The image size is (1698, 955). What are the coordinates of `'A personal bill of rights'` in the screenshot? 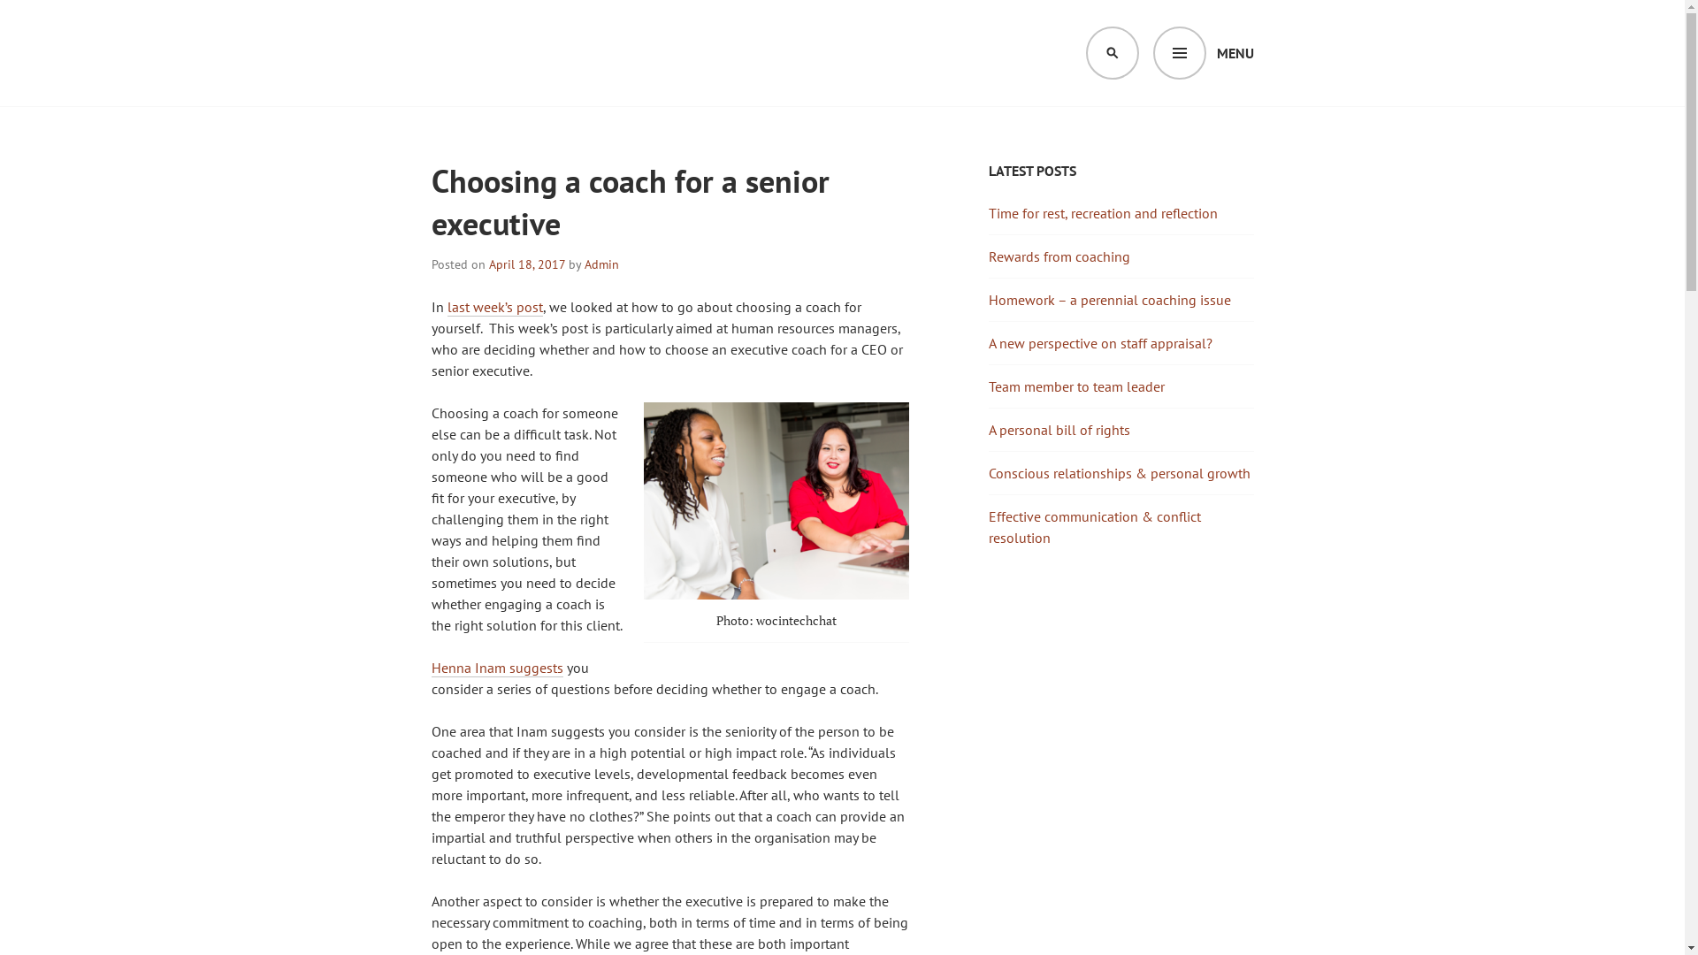 It's located at (1059, 430).